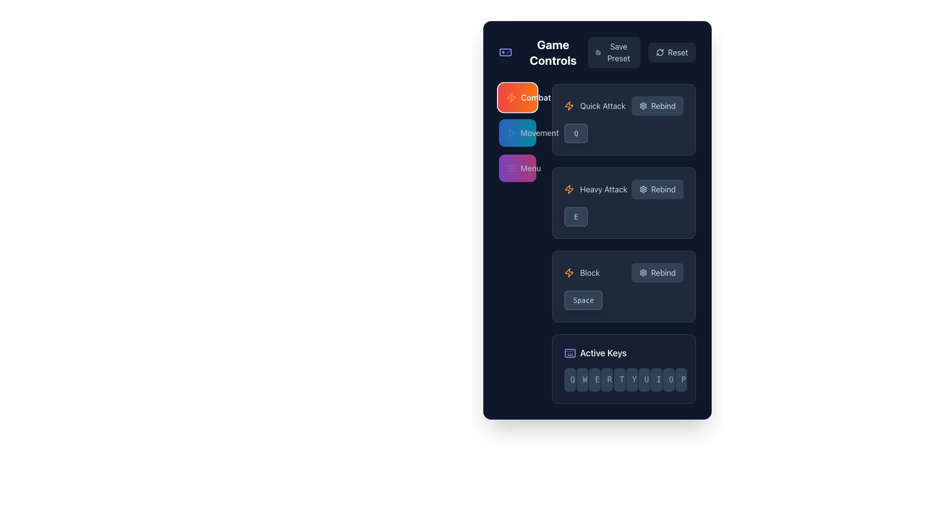  I want to click on the selectable button or label for the 'Movement' section located between the 'Combat' orange button and the 'Menu' purple button, so click(532, 132).